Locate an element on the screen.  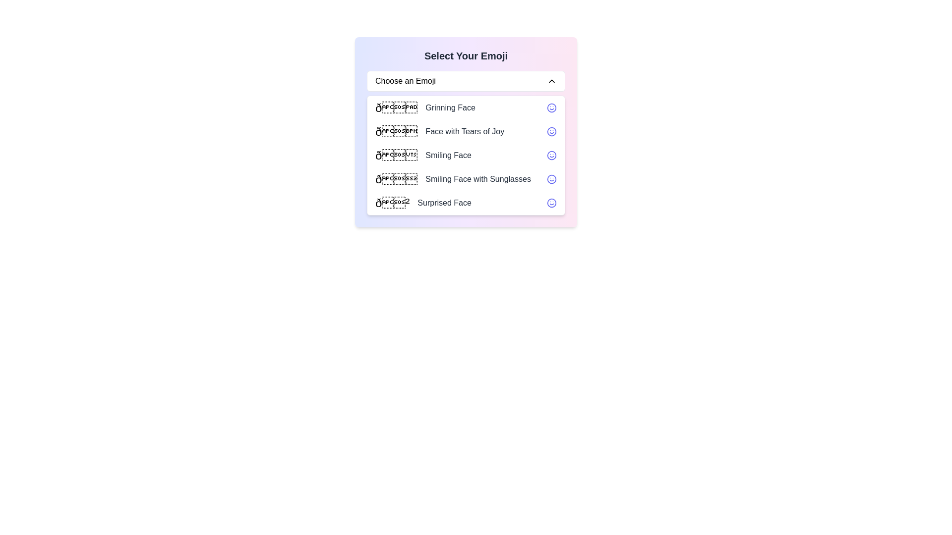
the text label reading 'Smiling Face with Sunglasses' styled with a gray, bold font, located in the fourth position of a vertically-scrolling emoji selection menu is located at coordinates (478, 179).